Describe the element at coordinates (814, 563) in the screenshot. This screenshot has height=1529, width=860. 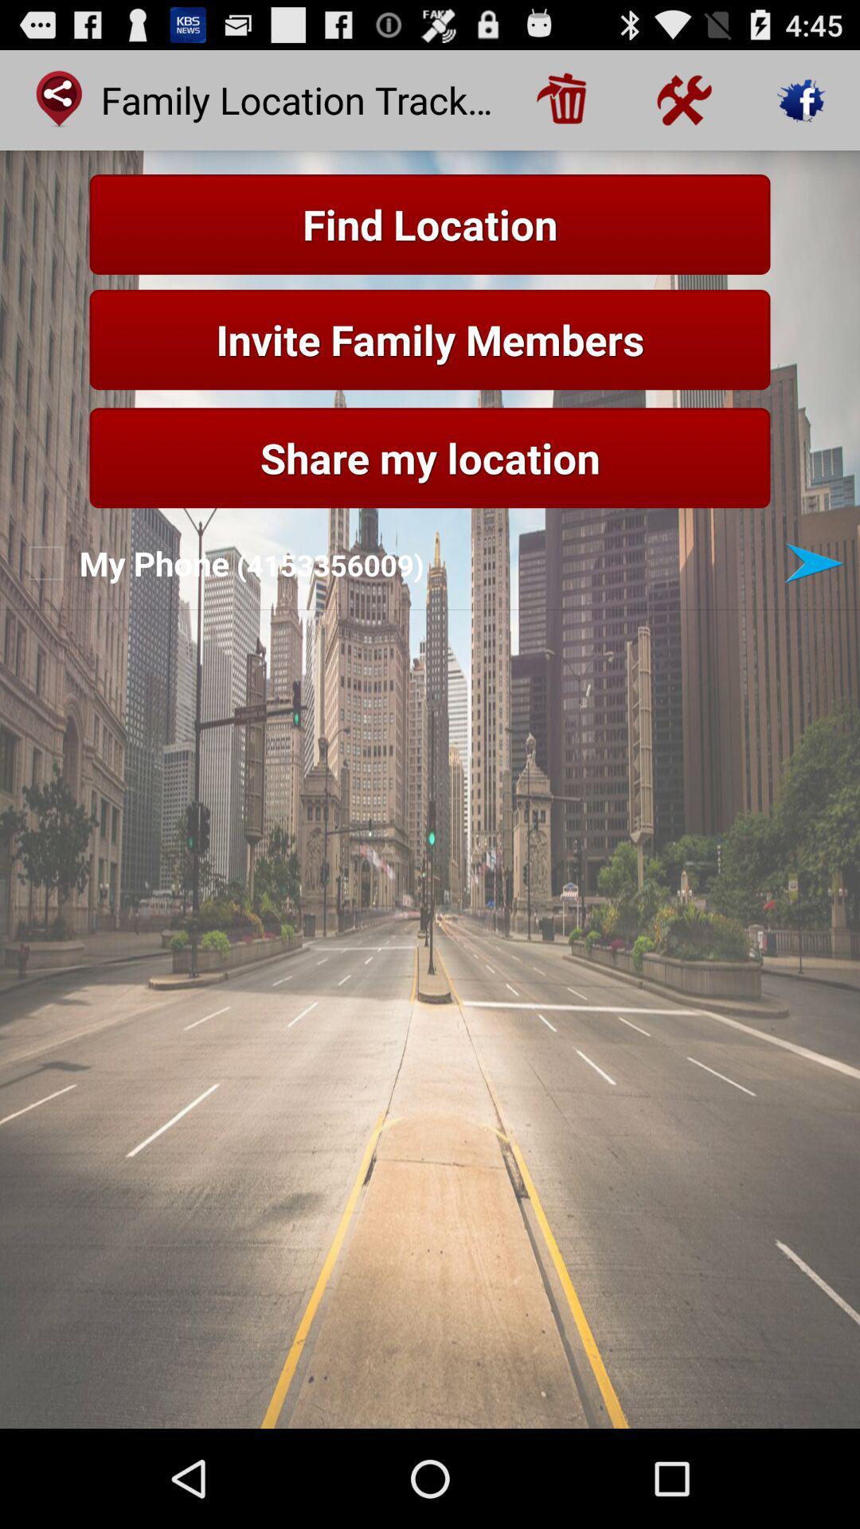
I see `next button` at that location.